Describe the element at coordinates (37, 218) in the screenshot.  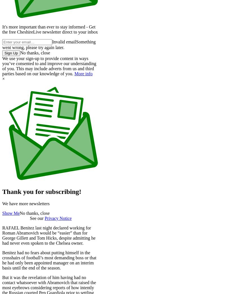
I see `'See our'` at that location.